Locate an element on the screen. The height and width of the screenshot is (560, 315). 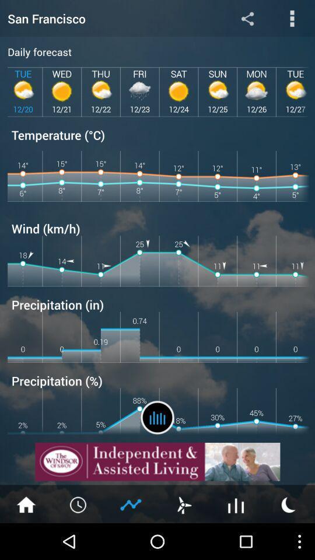
share the data is located at coordinates (247, 17).